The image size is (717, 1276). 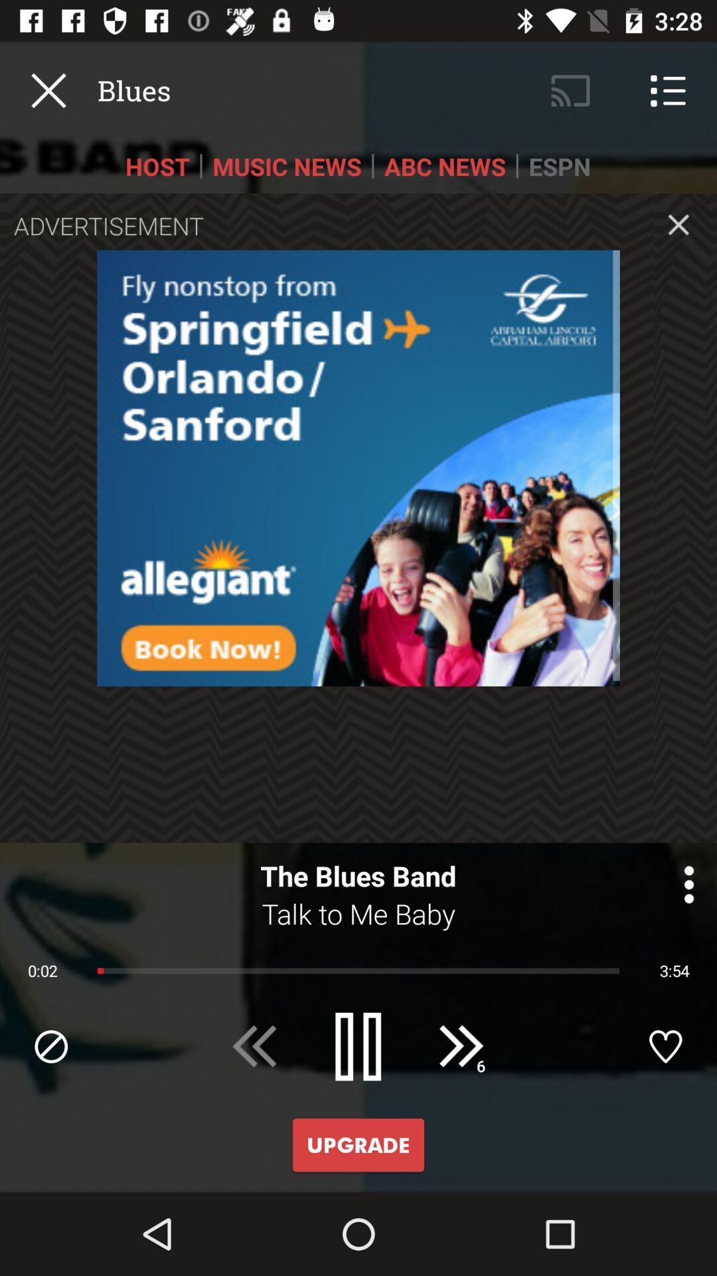 What do you see at coordinates (678, 231) in the screenshot?
I see `the close icon` at bounding box center [678, 231].